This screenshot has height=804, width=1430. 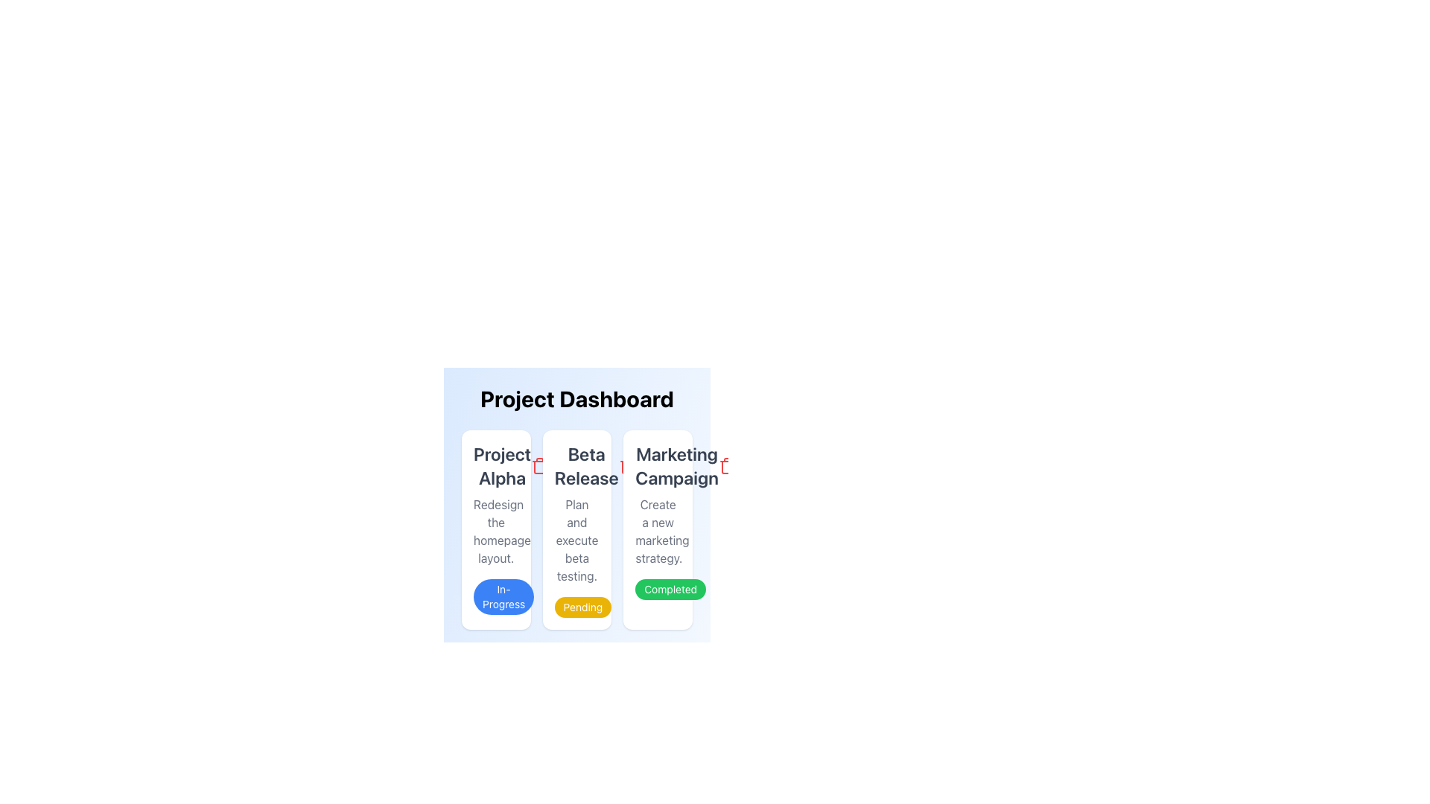 I want to click on the red trash icon button located to the right of the 'Beta Release' section in the Project Dashboard to observe hover effects, so click(x=627, y=465).